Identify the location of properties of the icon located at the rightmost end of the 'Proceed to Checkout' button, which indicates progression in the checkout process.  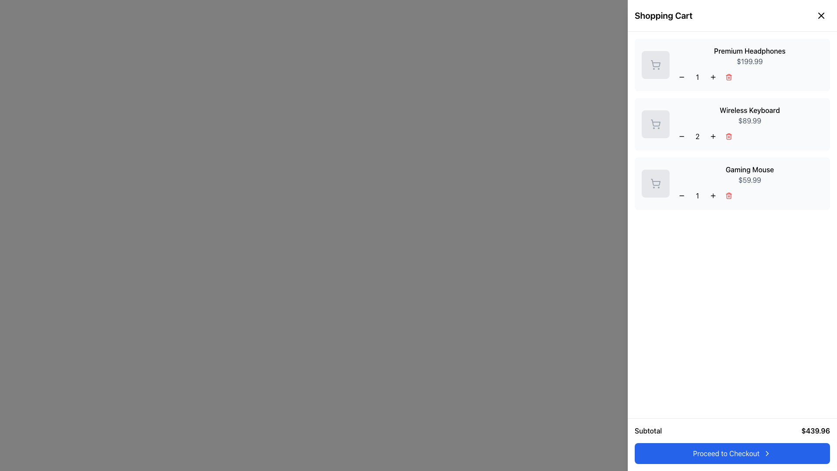
(767, 453).